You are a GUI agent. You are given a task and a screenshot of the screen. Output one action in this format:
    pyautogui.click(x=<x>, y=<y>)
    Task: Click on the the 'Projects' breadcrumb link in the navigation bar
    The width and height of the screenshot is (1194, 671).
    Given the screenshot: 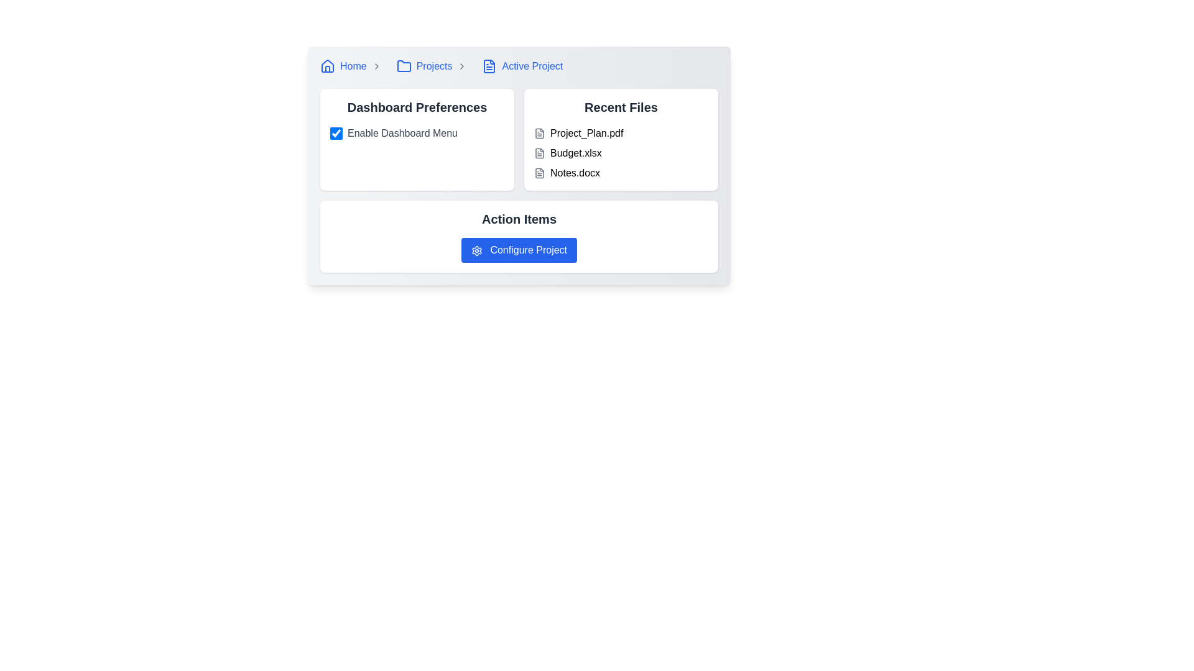 What is the action you would take?
    pyautogui.click(x=434, y=66)
    